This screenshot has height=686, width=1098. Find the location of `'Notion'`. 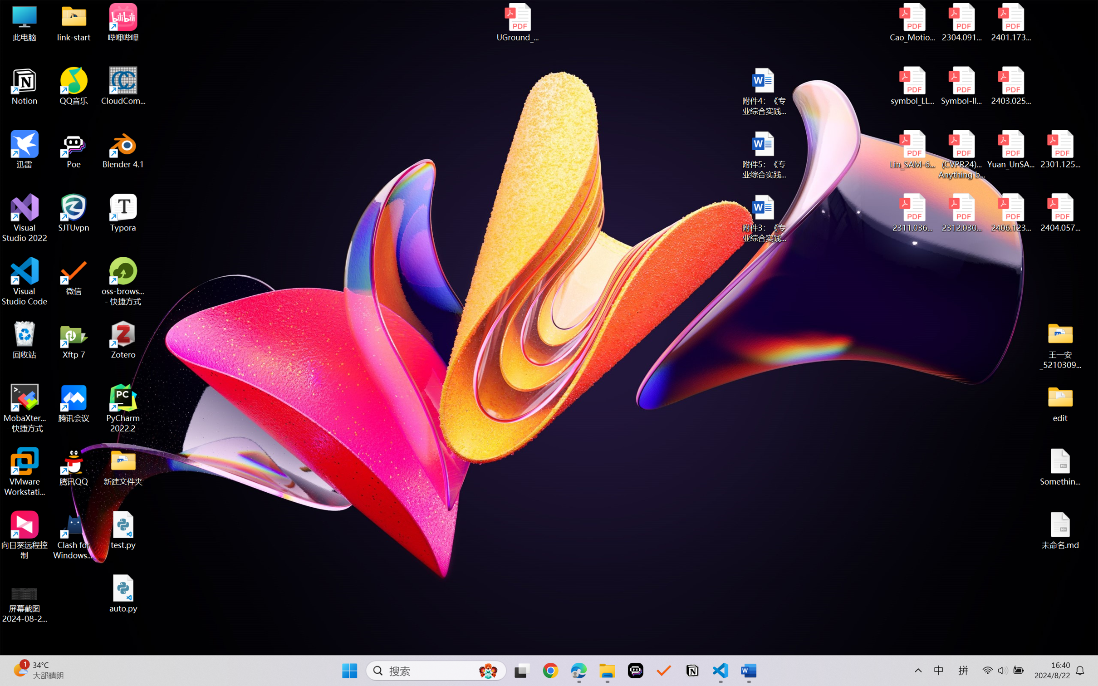

'Notion' is located at coordinates (24, 86).